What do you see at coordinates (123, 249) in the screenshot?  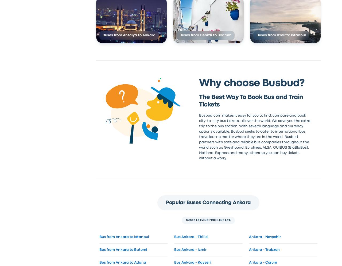 I see `'Bus from Ankara to Batumi'` at bounding box center [123, 249].